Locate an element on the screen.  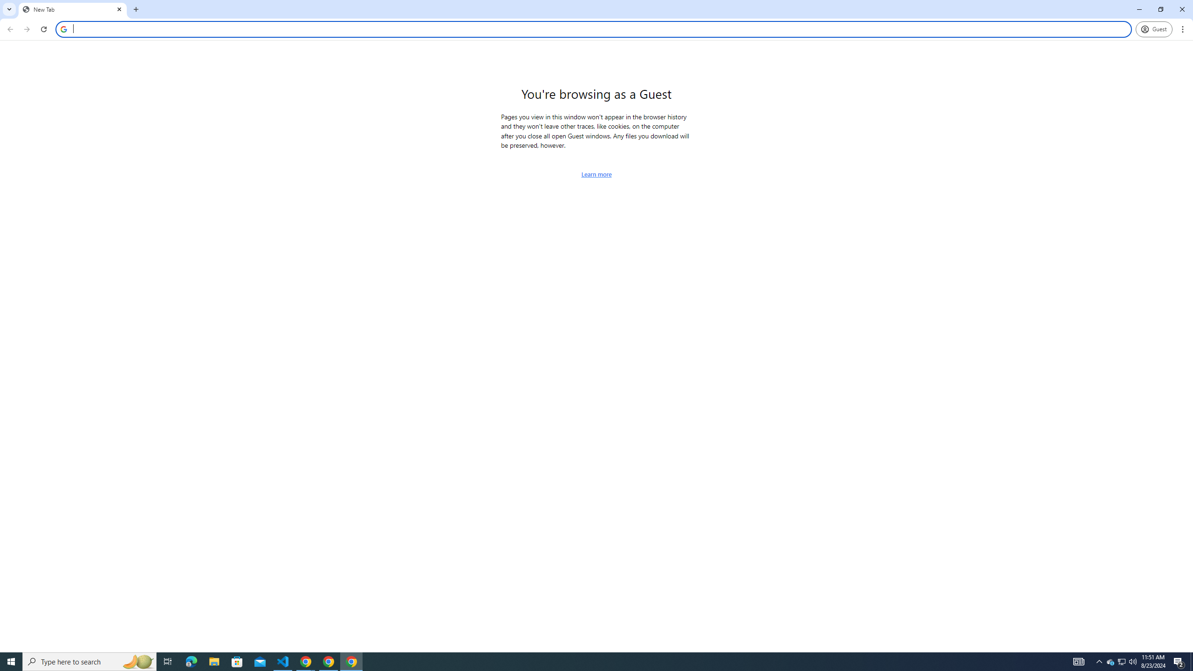
'Learn more about browsing as a guest' is located at coordinates (596, 173).